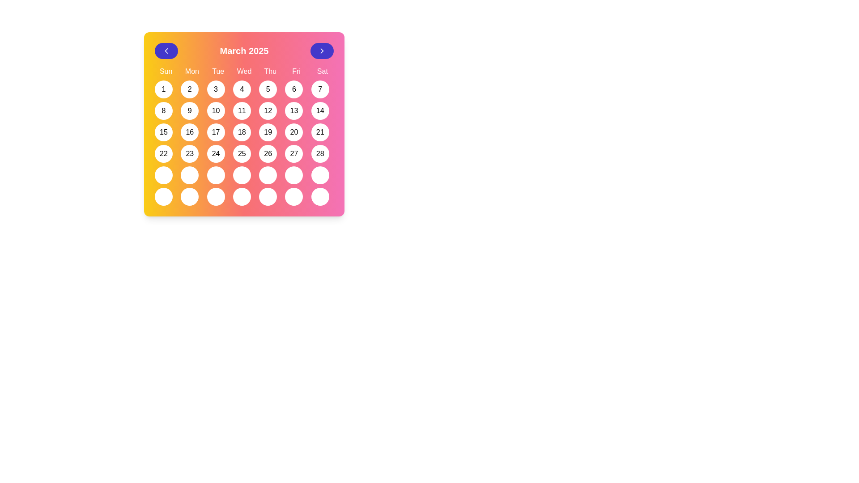 The image size is (859, 483). I want to click on the left arrow navigation button within the blue circular button at the top-left corner of the calendar interface, so click(166, 51).